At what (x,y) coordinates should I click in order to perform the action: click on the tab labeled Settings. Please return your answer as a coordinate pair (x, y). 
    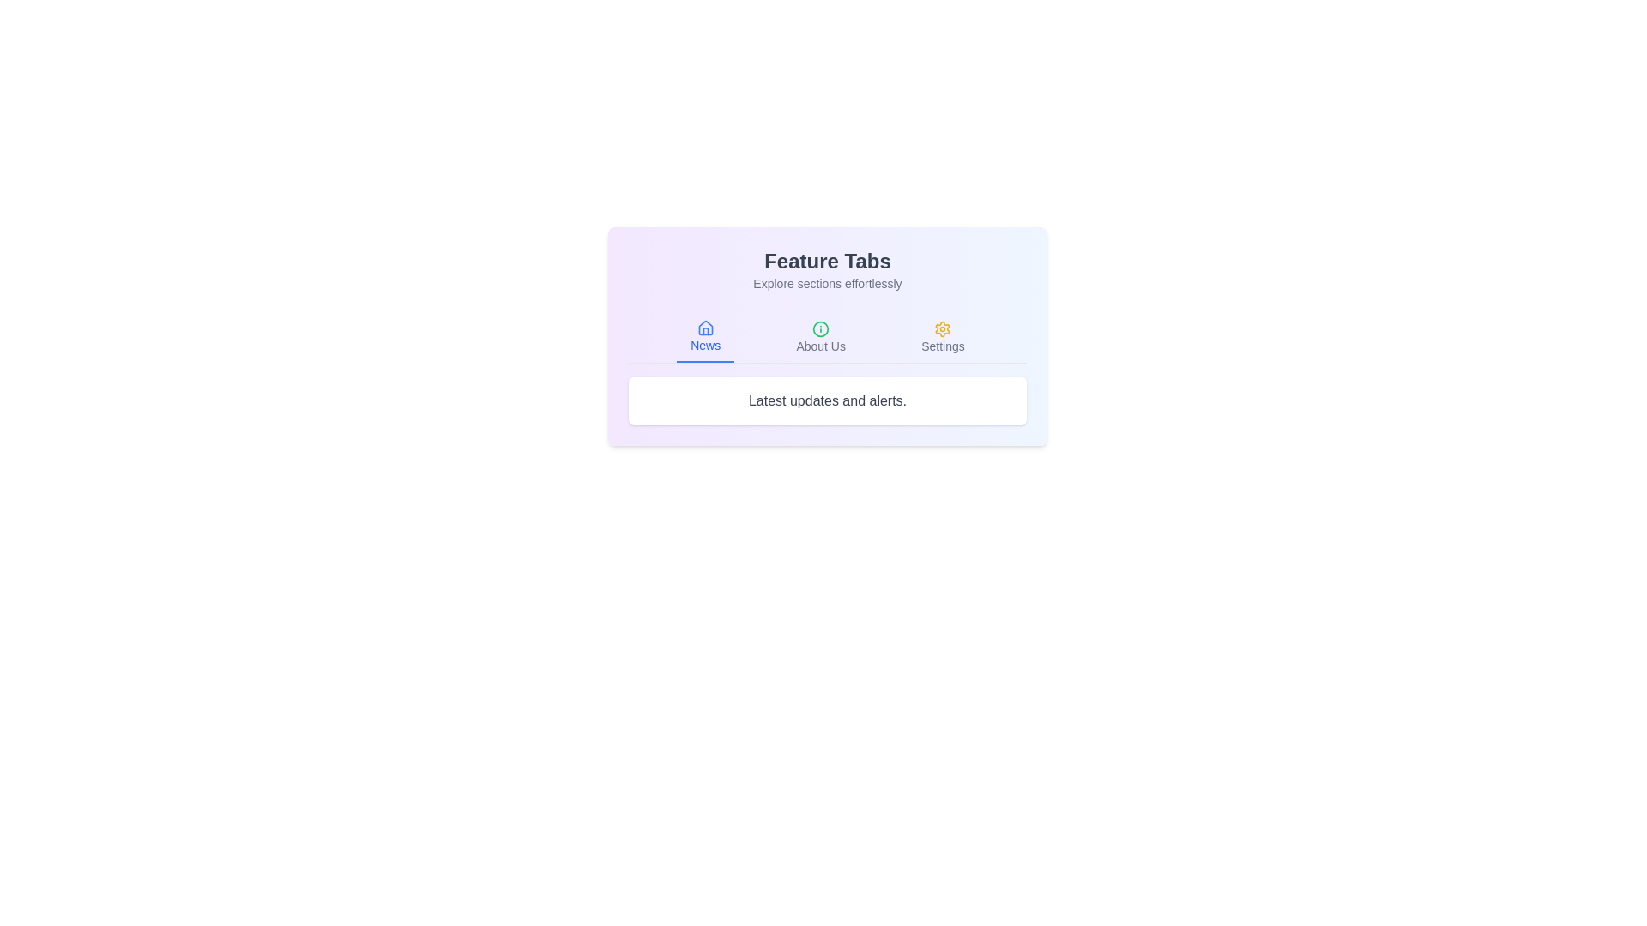
    Looking at the image, I should click on (942, 337).